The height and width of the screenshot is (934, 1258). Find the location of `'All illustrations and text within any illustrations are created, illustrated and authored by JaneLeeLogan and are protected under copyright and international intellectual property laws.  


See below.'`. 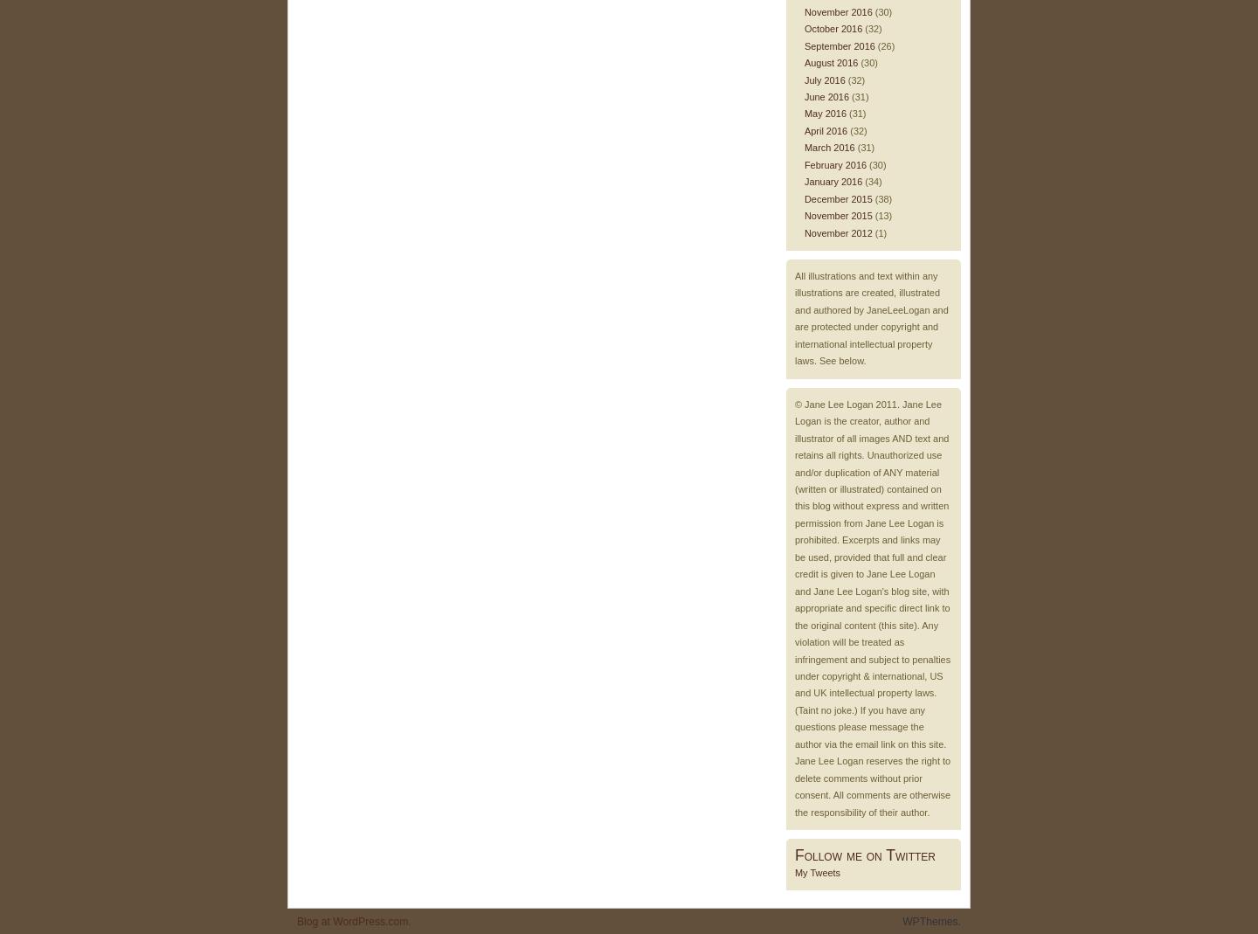

'All illustrations and text within any illustrations are created, illustrated and authored by JaneLeeLogan and are protected under copyright and international intellectual property laws.  


See below.' is located at coordinates (870, 318).